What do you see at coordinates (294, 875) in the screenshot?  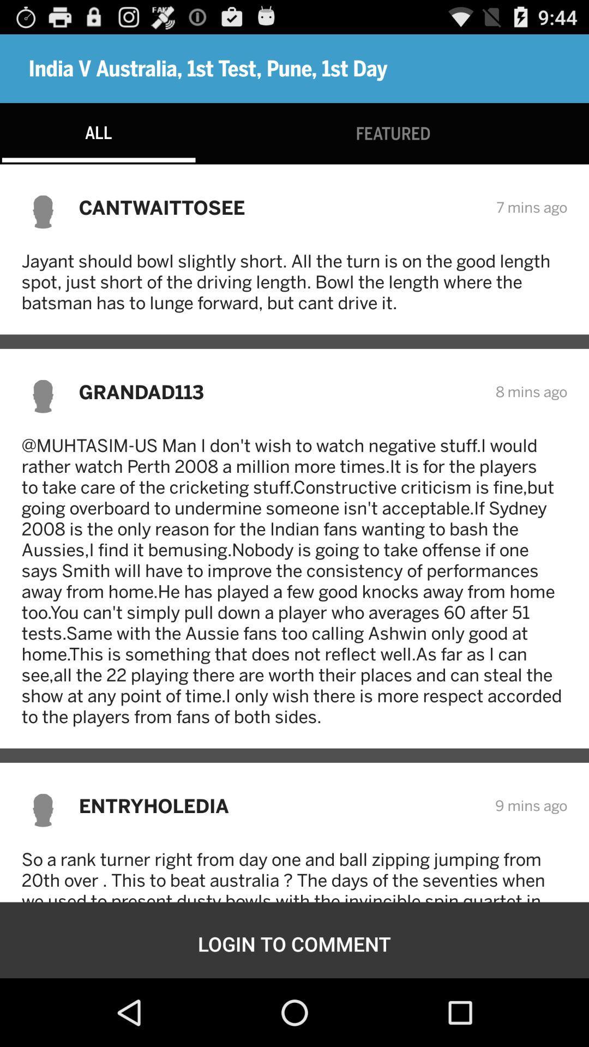 I see `the so a rank icon` at bounding box center [294, 875].